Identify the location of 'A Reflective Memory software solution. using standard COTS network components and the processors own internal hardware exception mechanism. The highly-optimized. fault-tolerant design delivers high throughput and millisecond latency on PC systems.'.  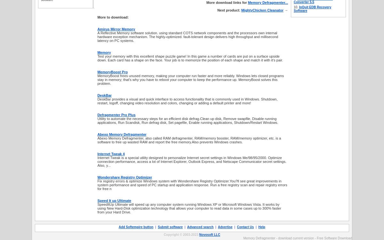
(187, 36).